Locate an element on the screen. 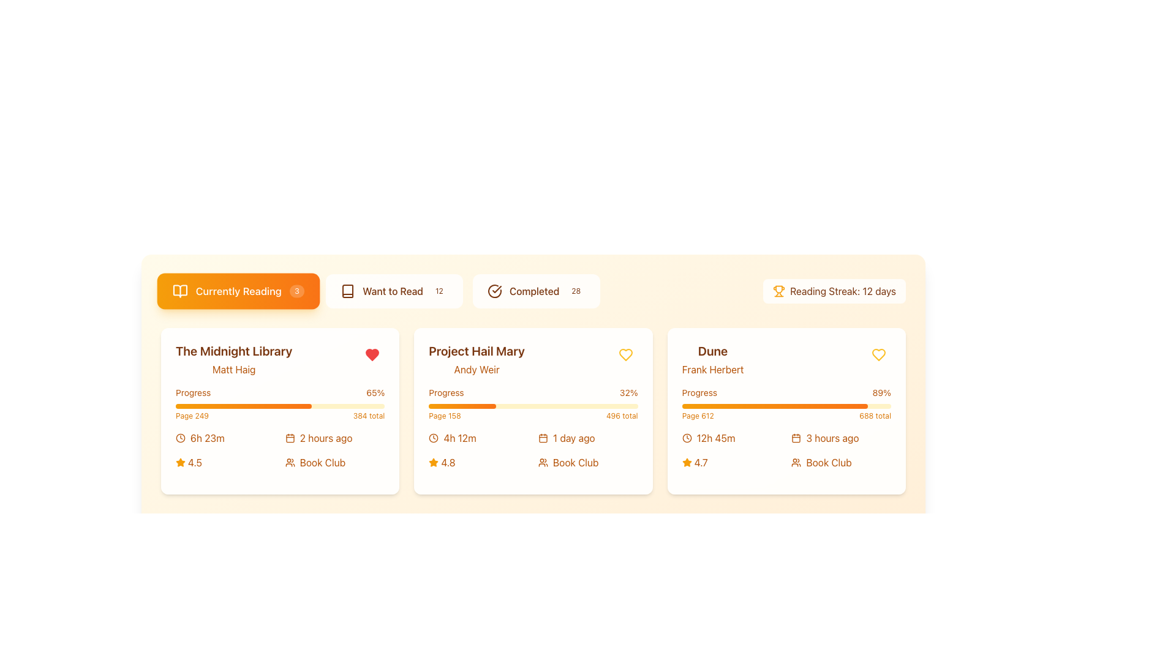 This screenshot has height=661, width=1176. text label that indicates the association with 'The Midnight Library' book, located in the bottom section of the card, right of the group icon and below the star rating is located at coordinates (322, 463).